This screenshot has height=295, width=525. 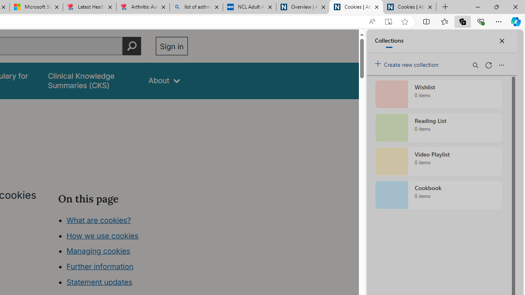 I want to click on 'Class: in-page-nav__list', so click(x=122, y=252).